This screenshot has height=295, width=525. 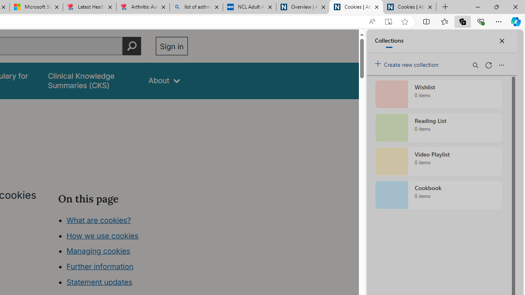 I want to click on 'Class: in-page-nav__list', so click(x=122, y=252).